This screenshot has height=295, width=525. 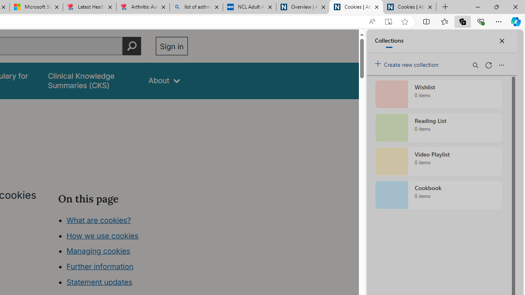 I want to click on 'Class: in-page-nav__list', so click(x=122, y=252).